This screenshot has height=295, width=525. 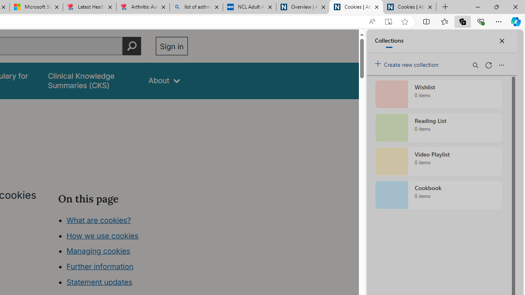 I want to click on 'Class: in-page-nav__list', so click(x=122, y=252).